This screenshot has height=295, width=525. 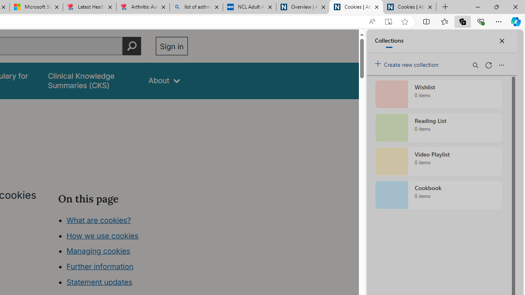 I want to click on 'Class: in-page-nav__list', so click(x=122, y=252).